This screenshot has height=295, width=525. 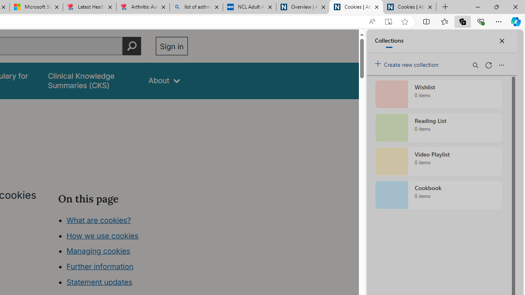 I want to click on 'Class: in-page-nav__list', so click(x=122, y=252).